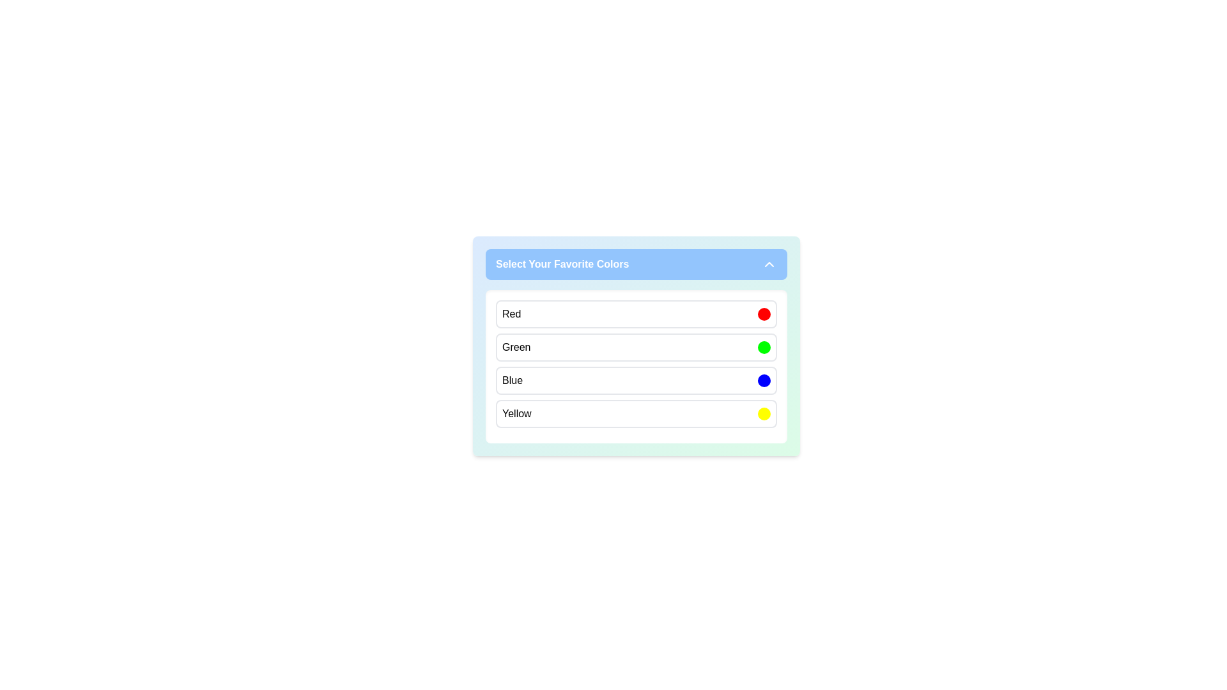 The height and width of the screenshot is (690, 1227). I want to click on the 'Green' item from the color selection list, which is the second item positioned below 'Red' and above 'Blue', so click(637, 347).